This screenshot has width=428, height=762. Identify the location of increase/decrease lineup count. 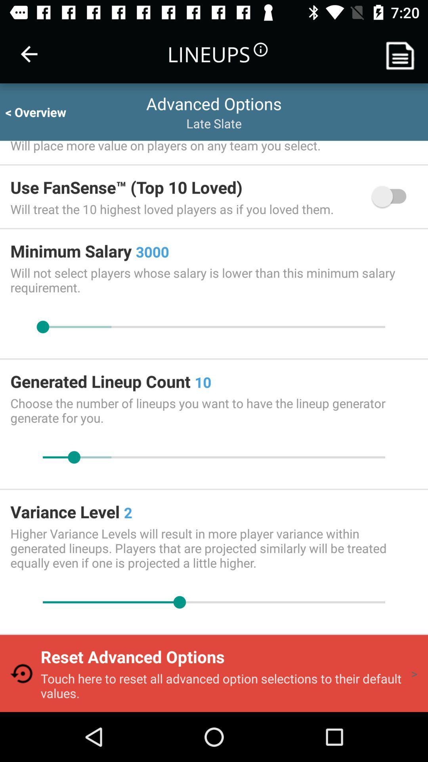
(214, 457).